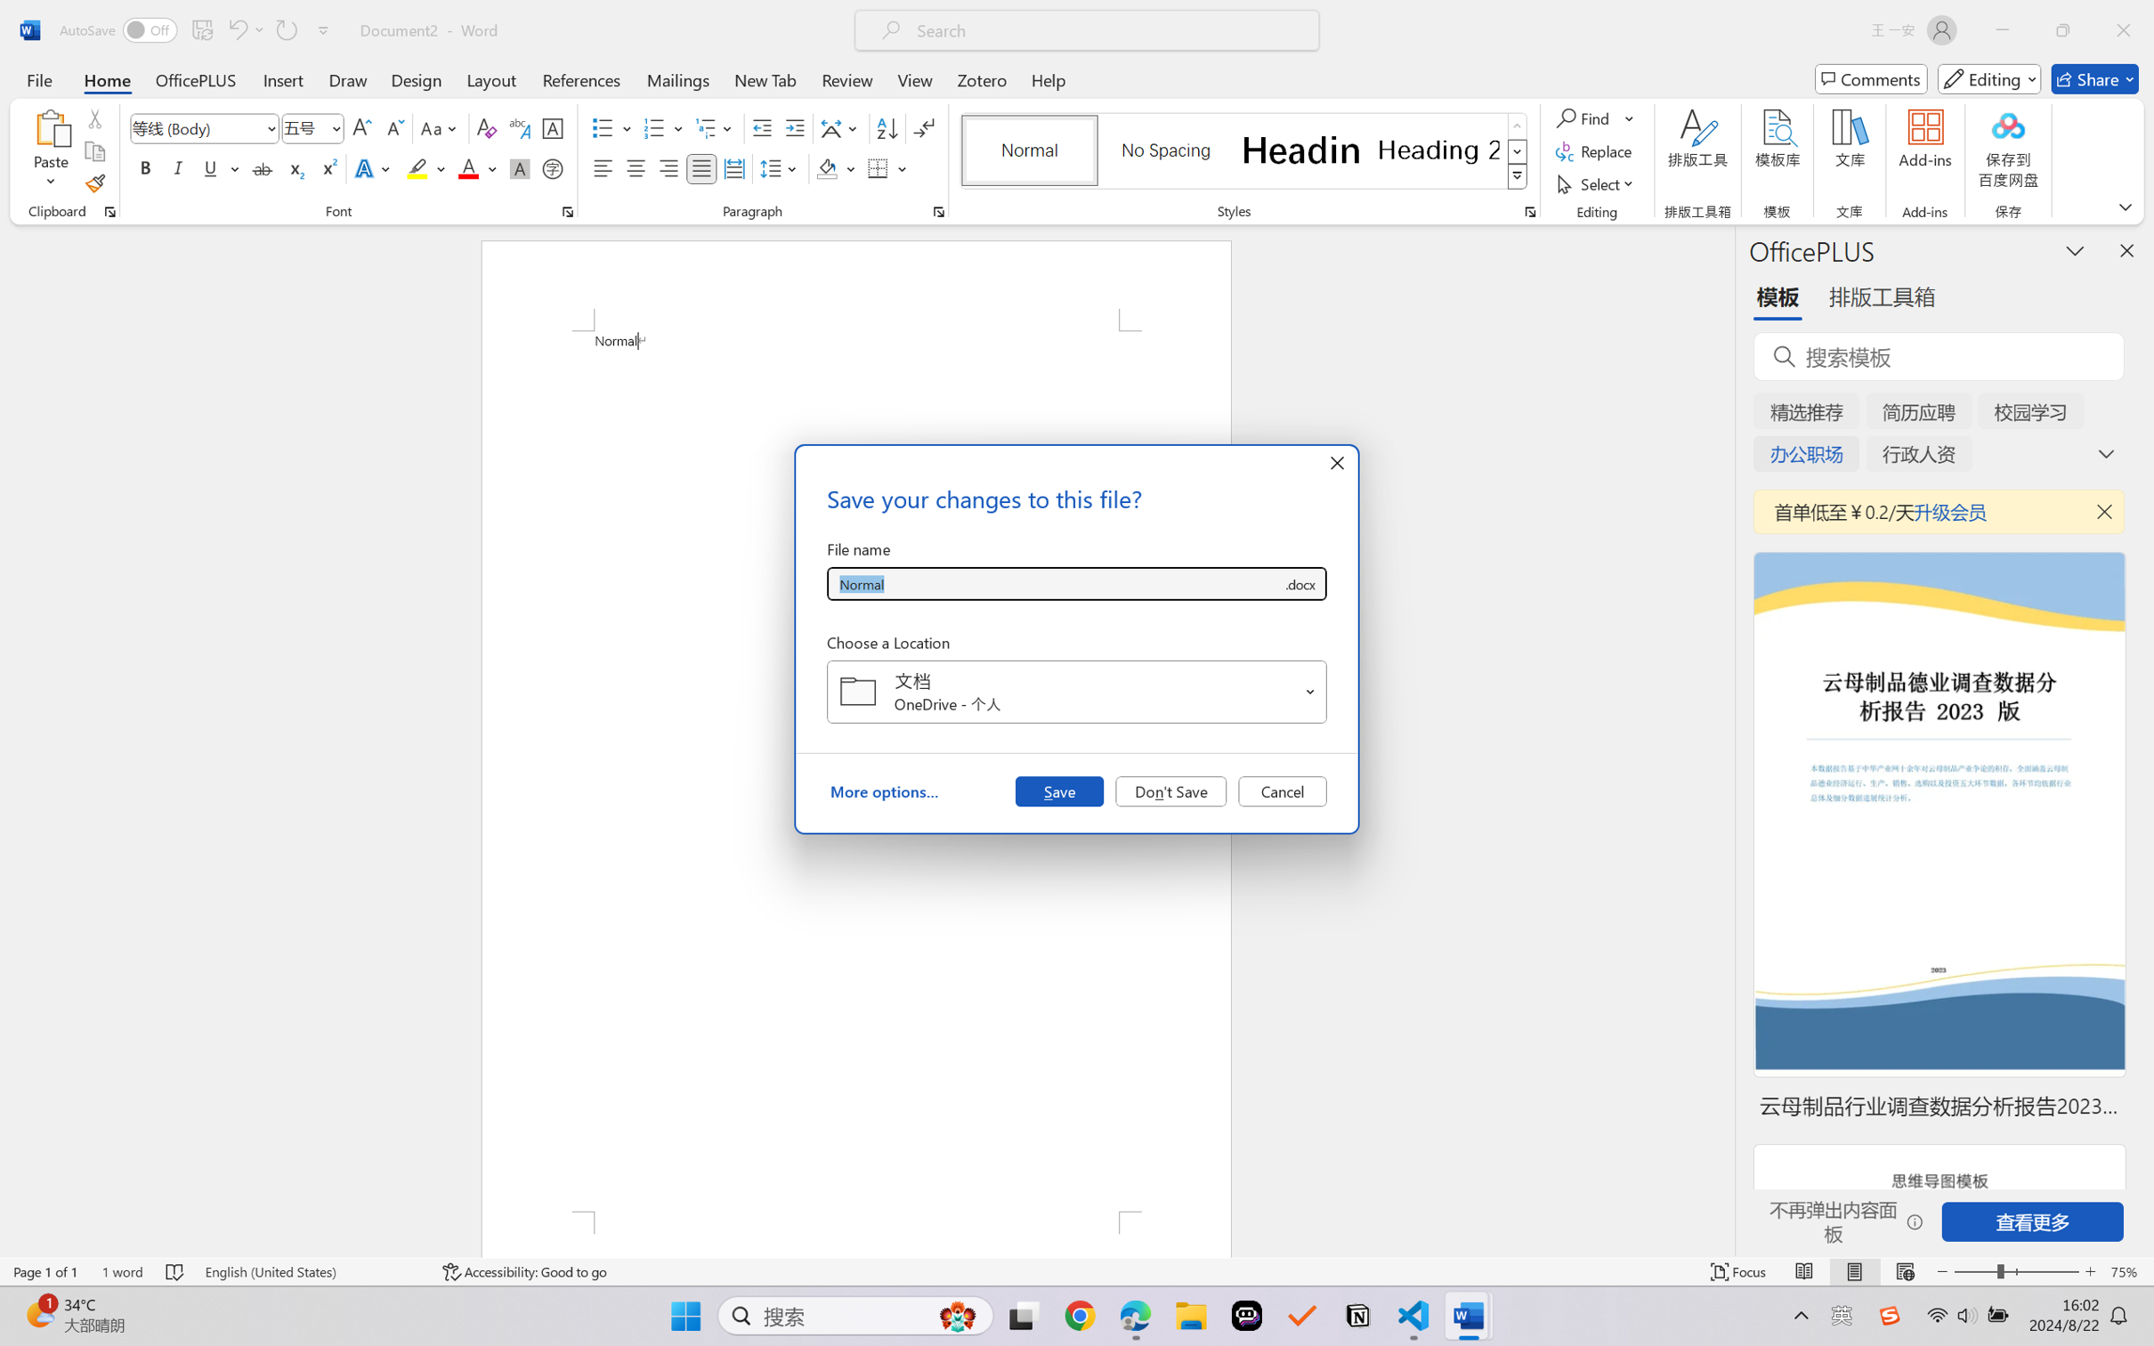 The width and height of the screenshot is (2154, 1346). I want to click on 'Find', so click(1584, 117).